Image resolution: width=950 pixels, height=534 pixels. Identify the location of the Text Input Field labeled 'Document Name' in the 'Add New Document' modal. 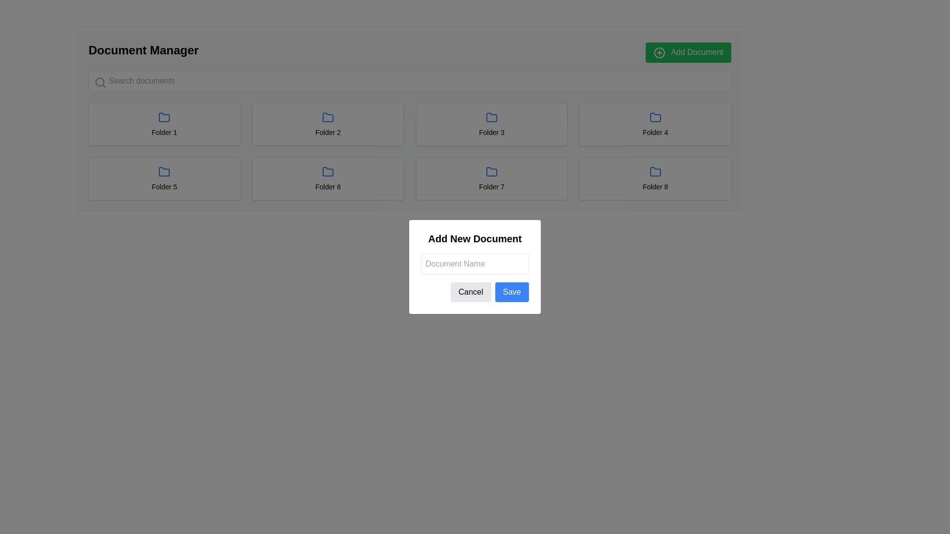
(475, 263).